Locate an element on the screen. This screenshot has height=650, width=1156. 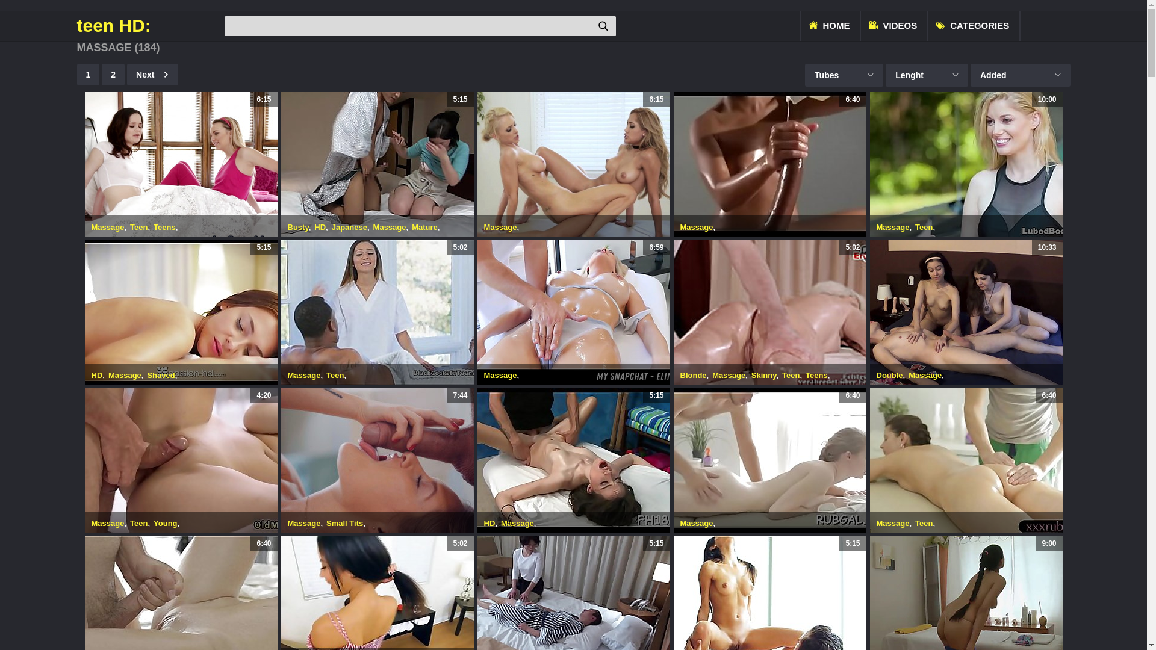
'CATEGORIES' is located at coordinates (927, 25).